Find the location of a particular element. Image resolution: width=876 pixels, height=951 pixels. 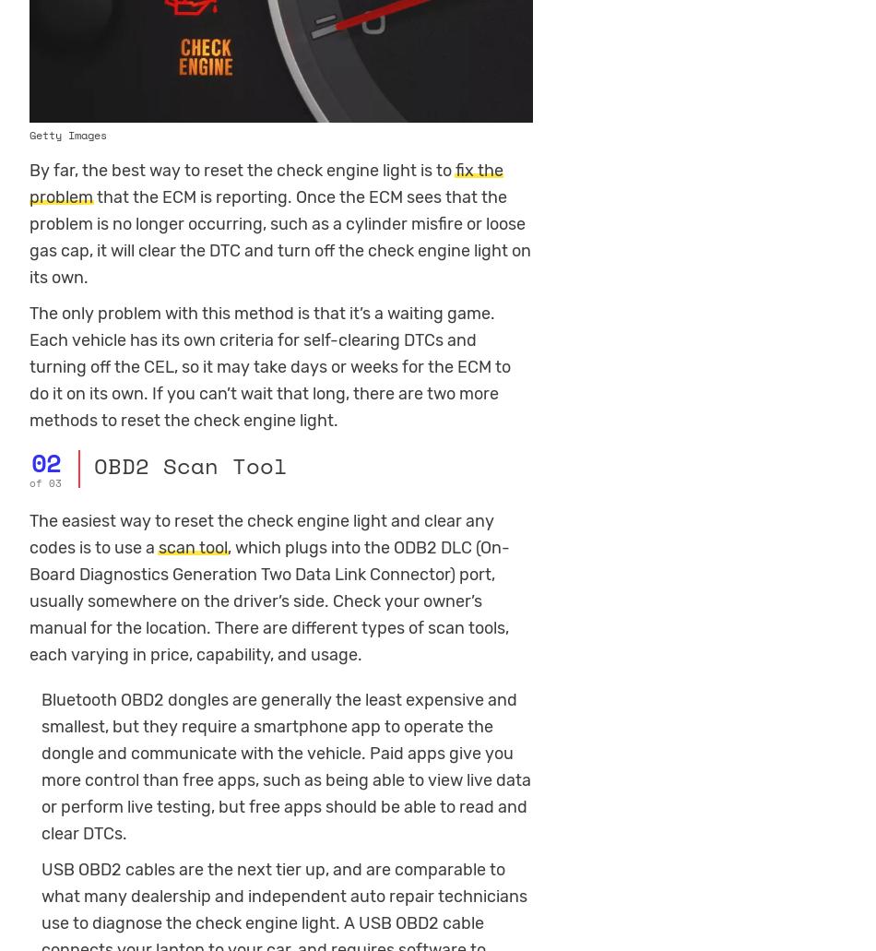

'fix the problem' is located at coordinates (265, 182).